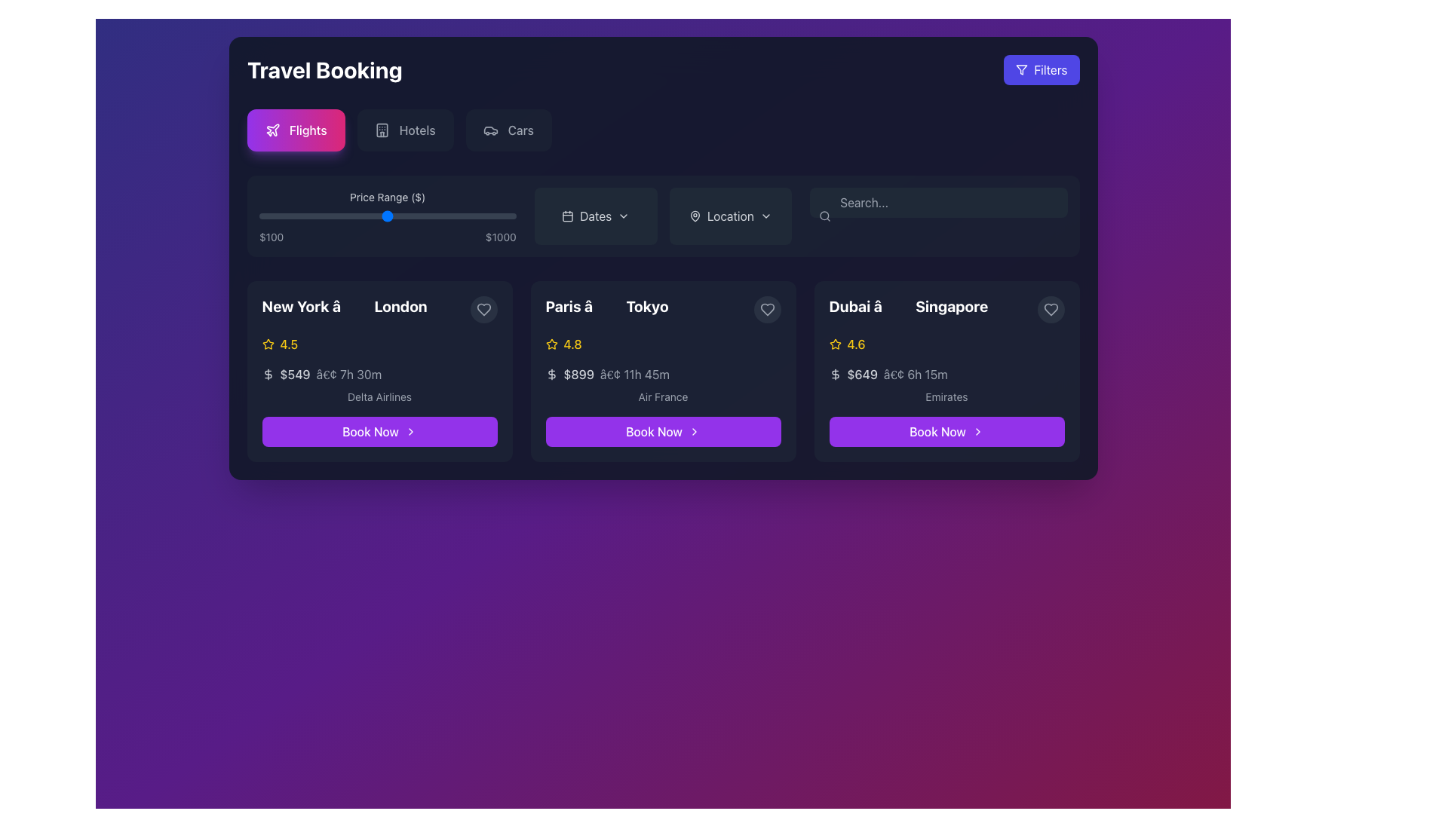 This screenshot has height=814, width=1448. Describe the element at coordinates (856, 344) in the screenshot. I see `displayed rating value on the Text label located in the third card of the travel options, which is positioned next to a star icon` at that location.